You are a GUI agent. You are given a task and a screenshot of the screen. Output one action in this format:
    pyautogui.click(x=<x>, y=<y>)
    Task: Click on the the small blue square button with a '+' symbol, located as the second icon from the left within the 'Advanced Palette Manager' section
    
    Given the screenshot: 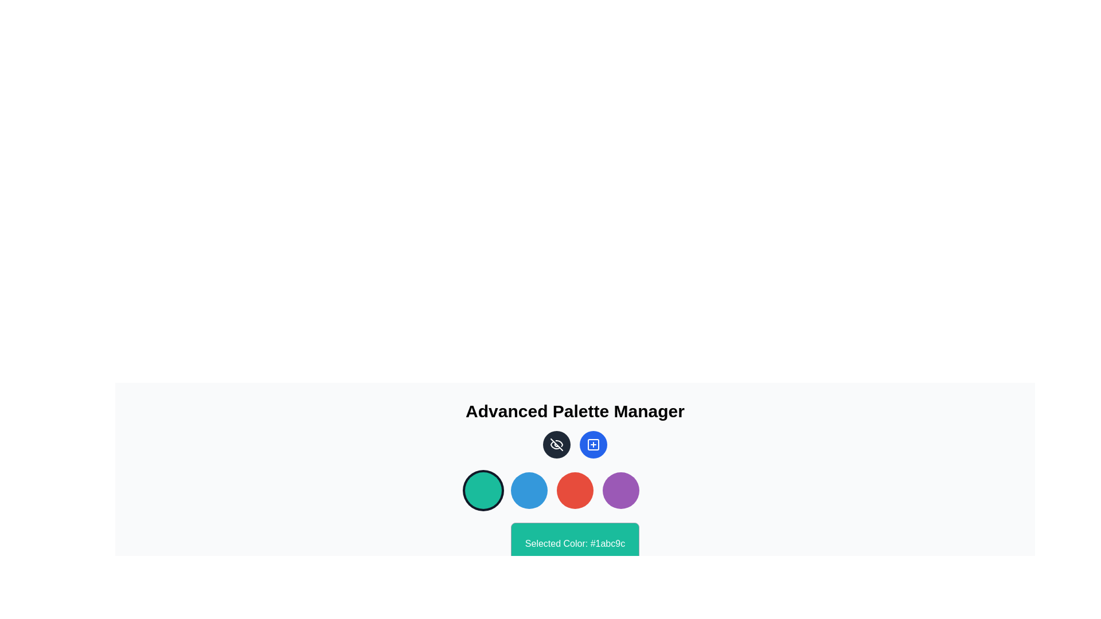 What is the action you would take?
    pyautogui.click(x=594, y=444)
    